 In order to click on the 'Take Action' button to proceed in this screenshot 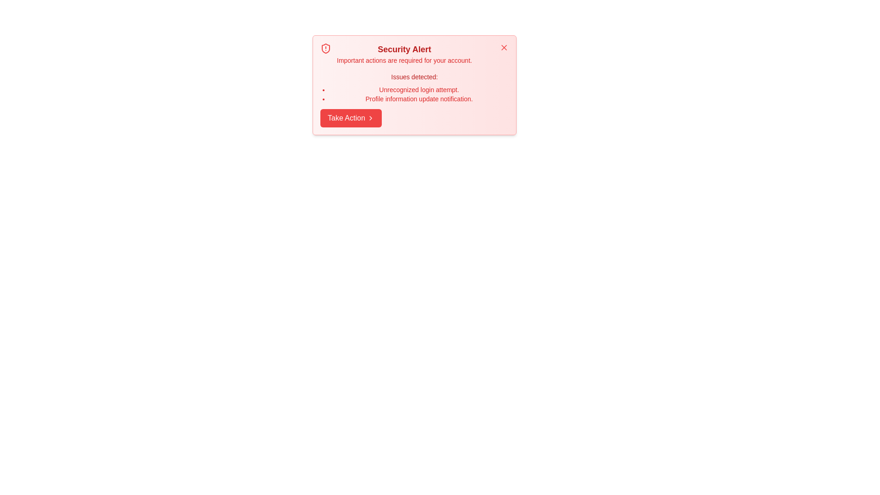, I will do `click(350, 118)`.